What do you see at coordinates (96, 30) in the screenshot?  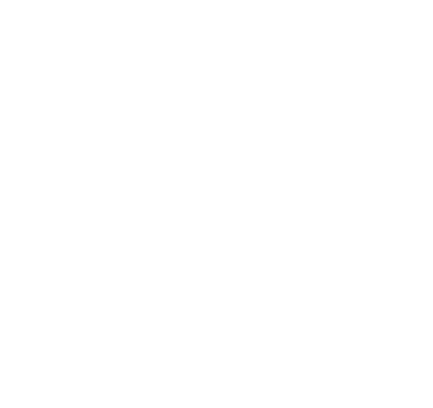 I see `'What data do we collect?'` at bounding box center [96, 30].